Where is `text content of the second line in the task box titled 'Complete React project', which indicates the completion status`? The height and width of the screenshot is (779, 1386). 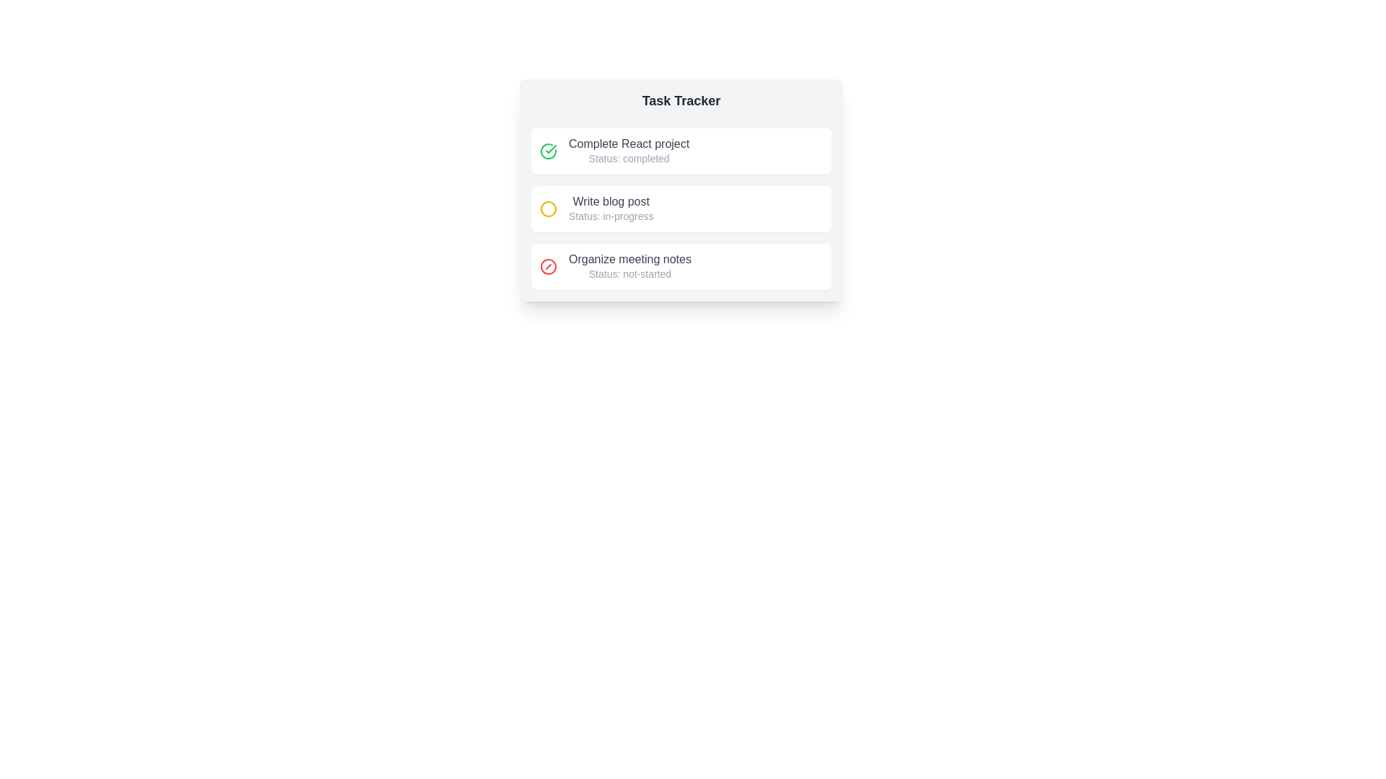 text content of the second line in the task box titled 'Complete React project', which indicates the completion status is located at coordinates (629, 158).